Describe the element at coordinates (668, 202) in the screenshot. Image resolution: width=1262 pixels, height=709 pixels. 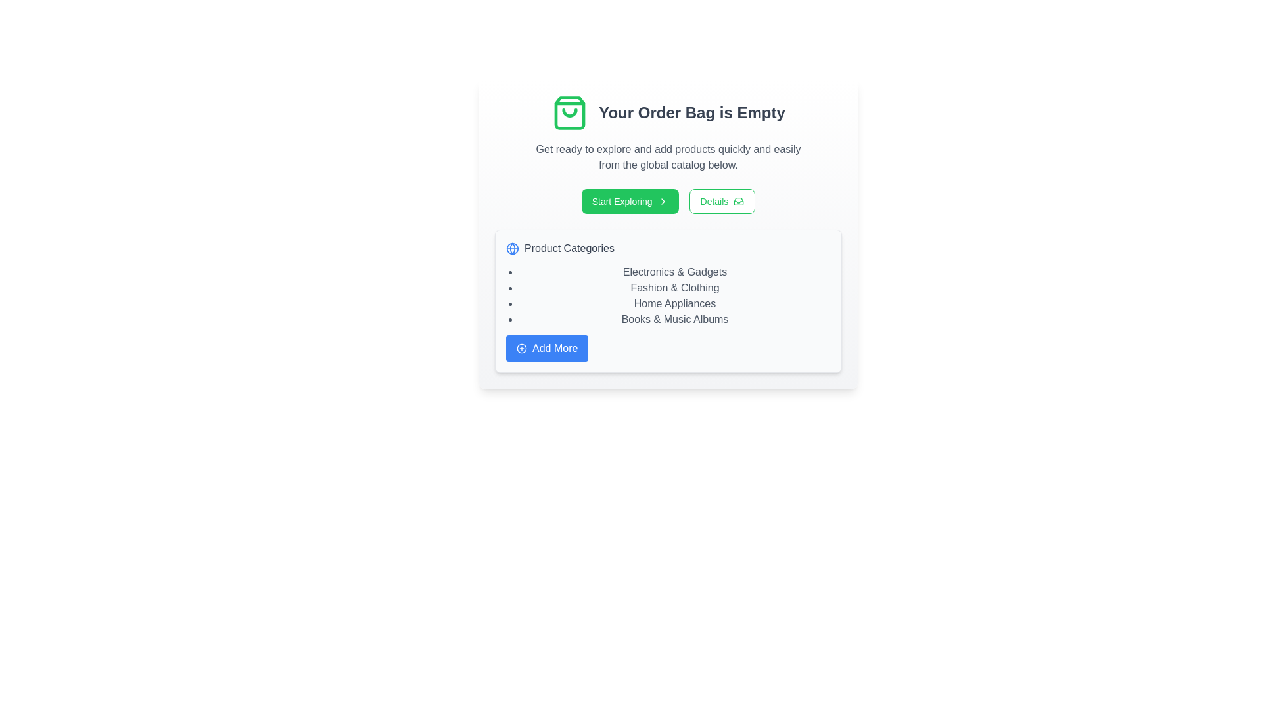
I see `the forward navigation icon located within the 'Start Exploring' button, which is positioned to the left of the 'Details' button` at that location.